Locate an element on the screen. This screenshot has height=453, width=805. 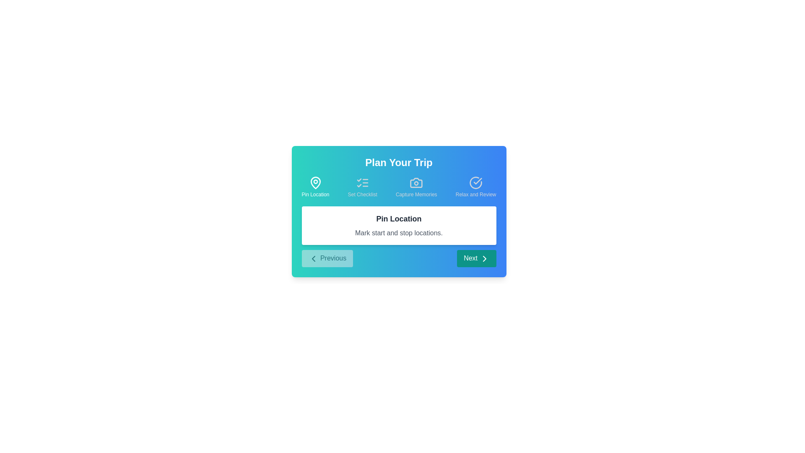
the 'Next' button is located at coordinates (476, 258).